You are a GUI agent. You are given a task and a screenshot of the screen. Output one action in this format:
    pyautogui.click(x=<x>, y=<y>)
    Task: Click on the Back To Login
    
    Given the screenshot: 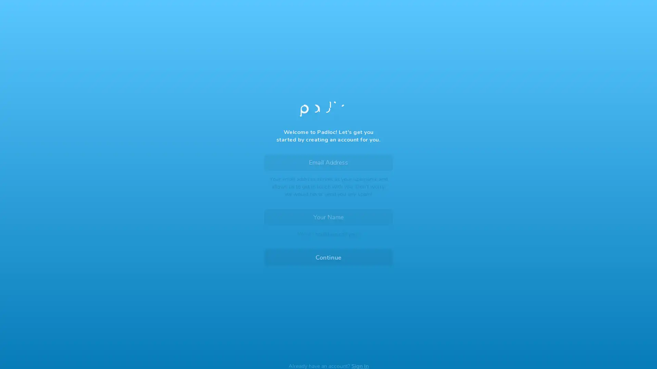 What is the action you would take?
    pyautogui.click(x=289, y=50)
    